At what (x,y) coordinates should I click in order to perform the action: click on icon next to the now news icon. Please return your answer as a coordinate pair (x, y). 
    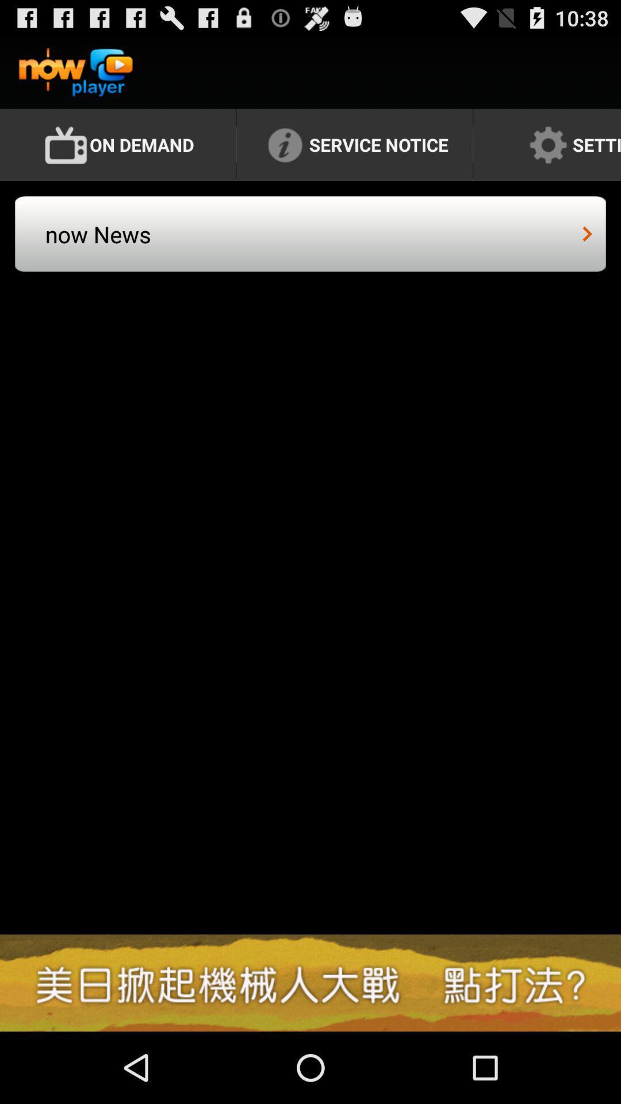
    Looking at the image, I should click on (587, 233).